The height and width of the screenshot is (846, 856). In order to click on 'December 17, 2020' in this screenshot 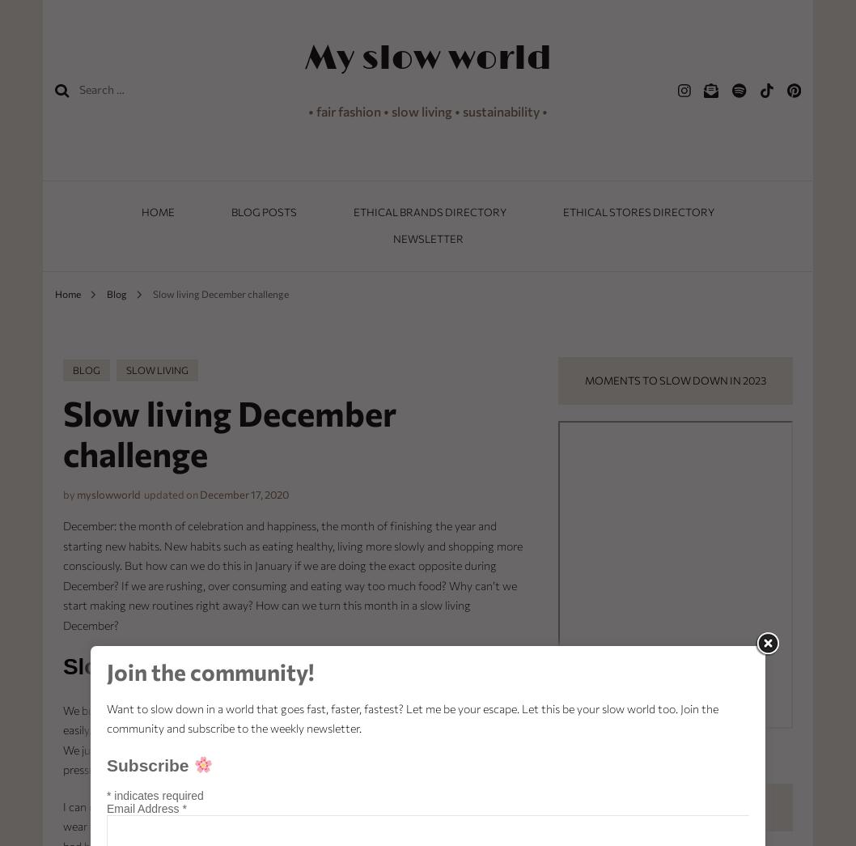, I will do `click(198, 494)`.